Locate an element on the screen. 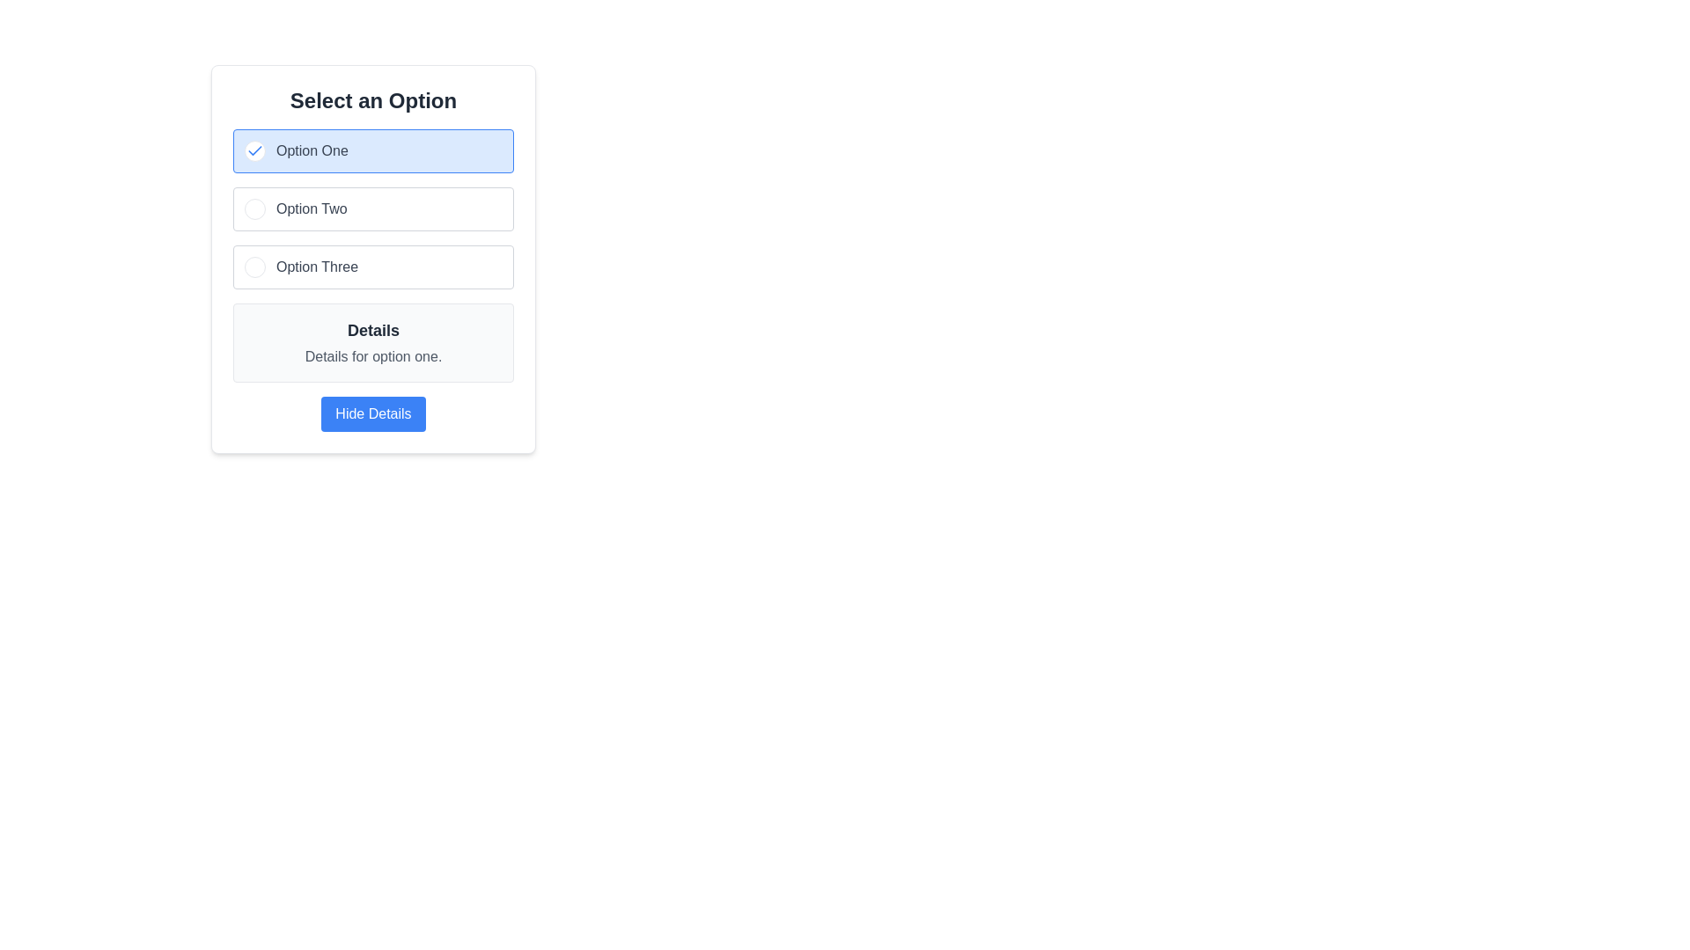 The height and width of the screenshot is (950, 1690). the unselected radio button labeled 'Option Three' is located at coordinates (372, 267).